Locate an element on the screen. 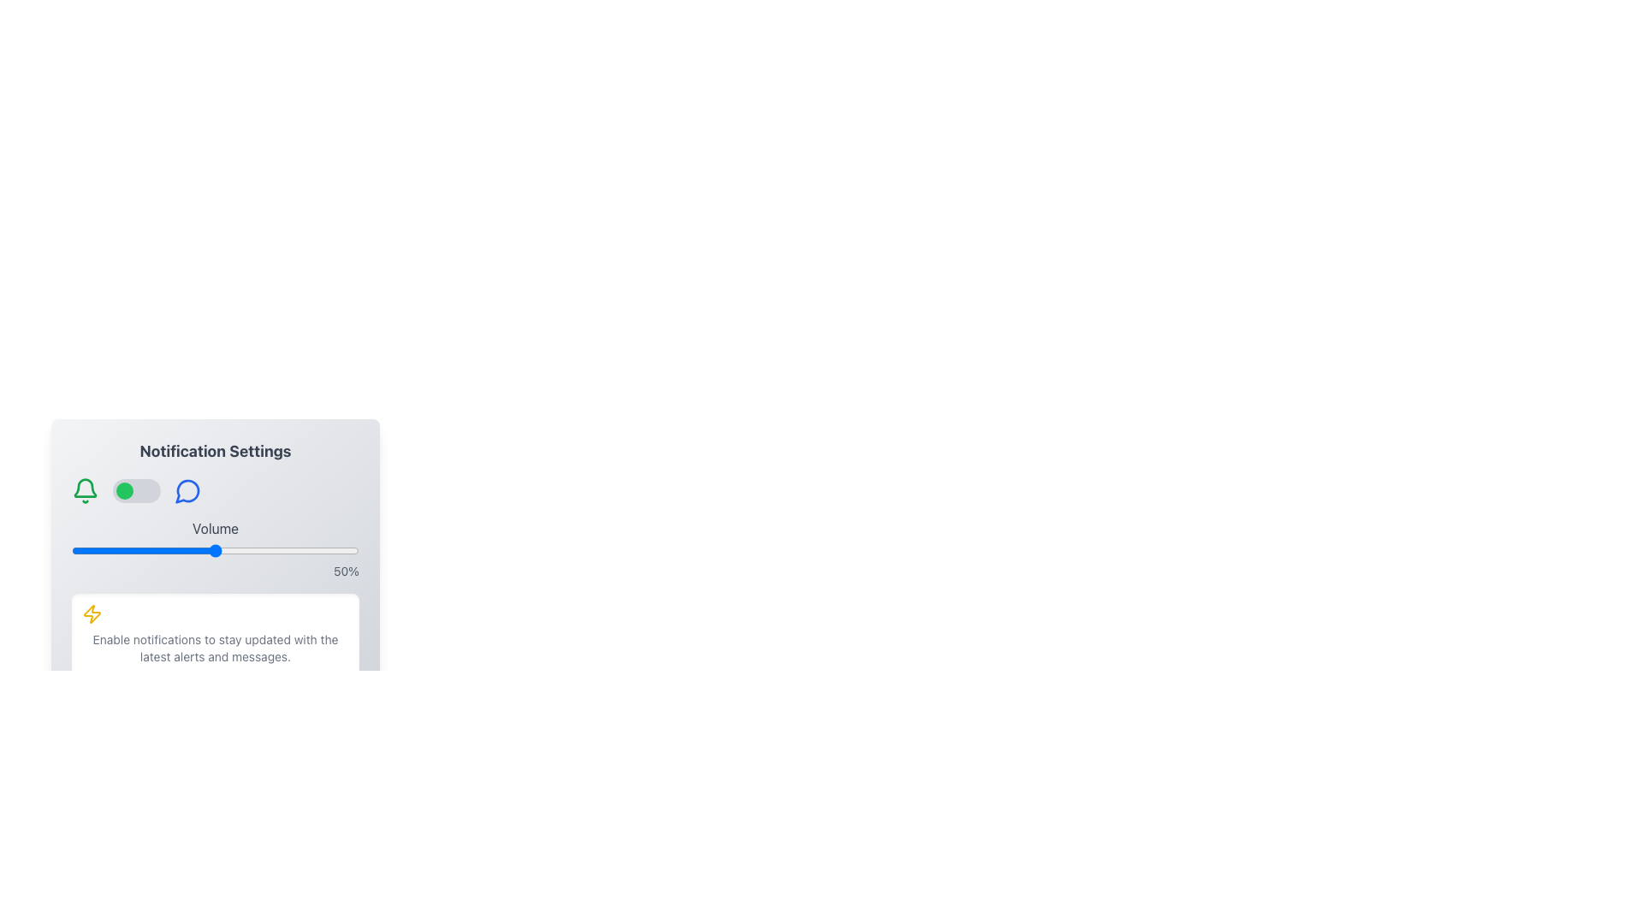 This screenshot has height=924, width=1643. the static text element displaying the numerical value '50%' which is located below the 'Volume' label and aligns with the right edge of the slider bar is located at coordinates (215, 571).